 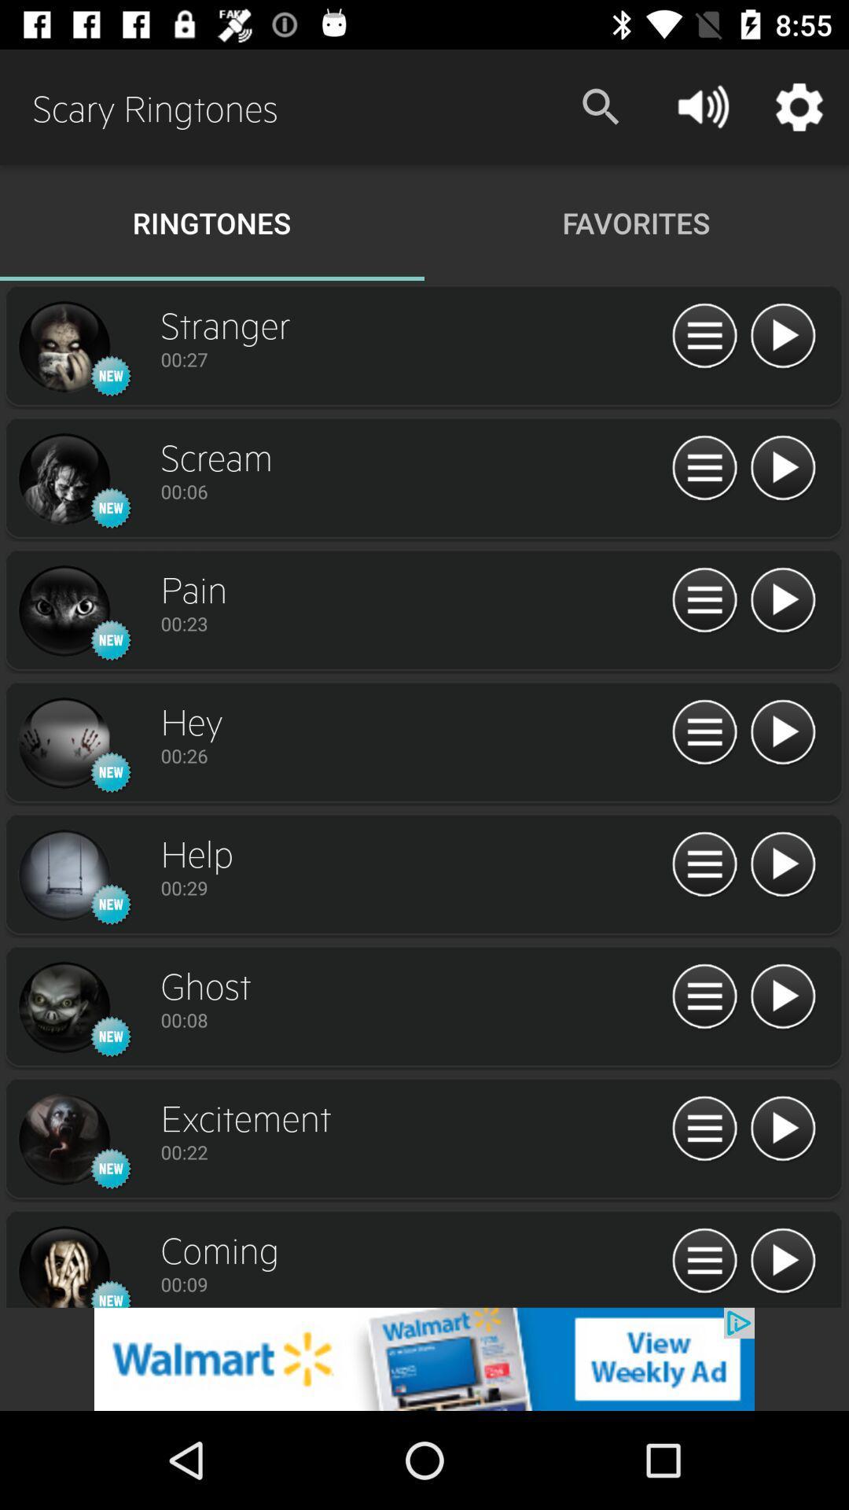 What do you see at coordinates (782, 732) in the screenshot?
I see `play song` at bounding box center [782, 732].